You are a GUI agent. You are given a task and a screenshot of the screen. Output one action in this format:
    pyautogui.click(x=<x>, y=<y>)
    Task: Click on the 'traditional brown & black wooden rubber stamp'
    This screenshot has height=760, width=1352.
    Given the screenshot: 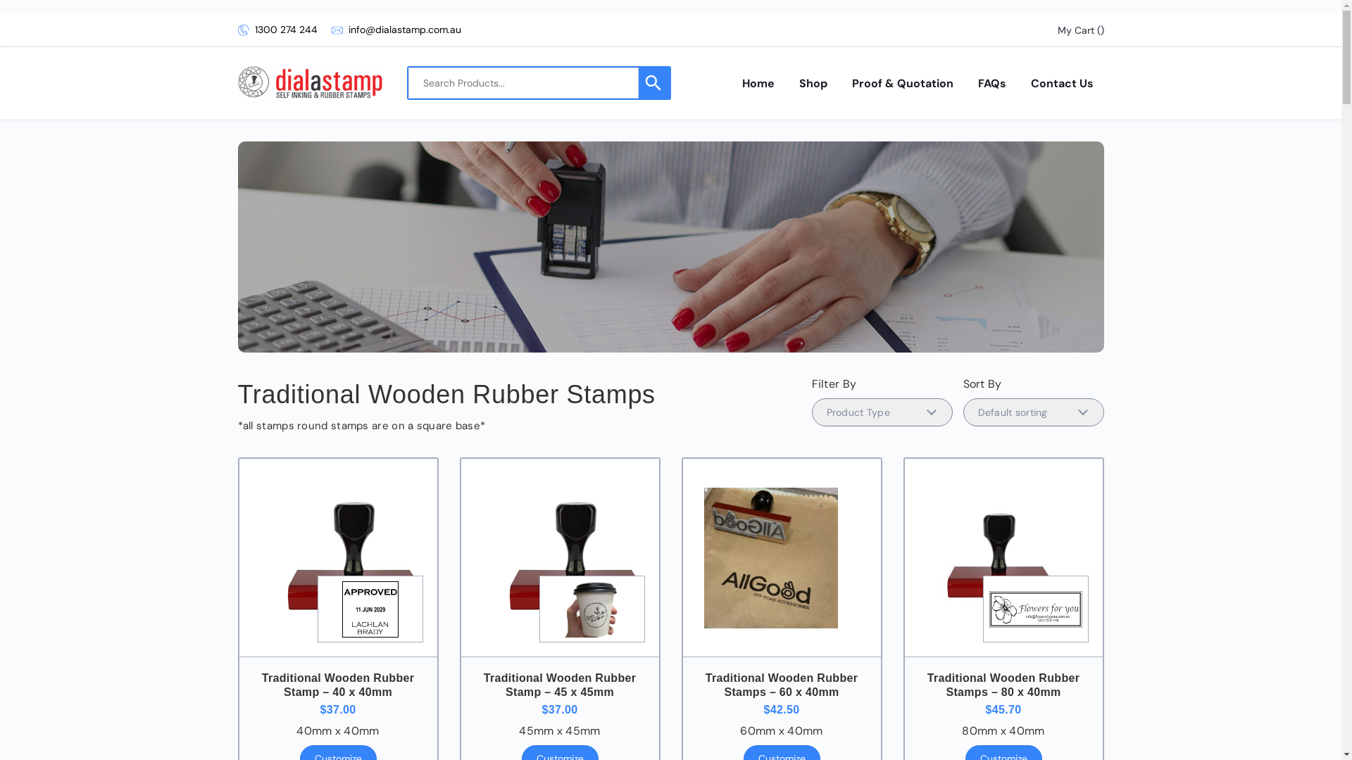 What is the action you would take?
    pyautogui.click(x=351, y=557)
    